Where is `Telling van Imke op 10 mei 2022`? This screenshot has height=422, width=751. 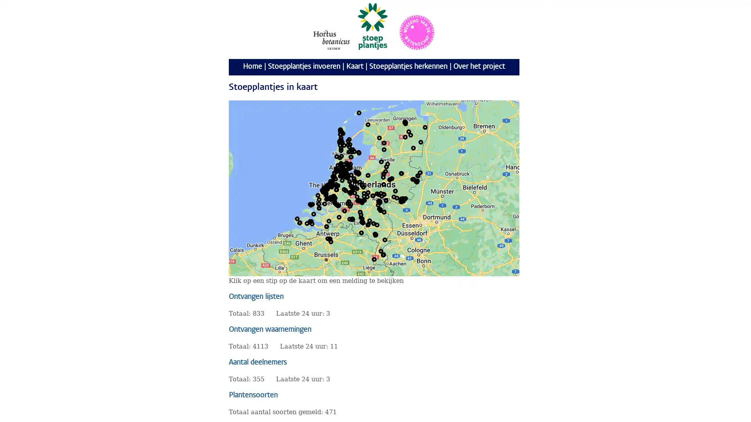
Telling van Imke op 10 mei 2022 is located at coordinates (345, 170).